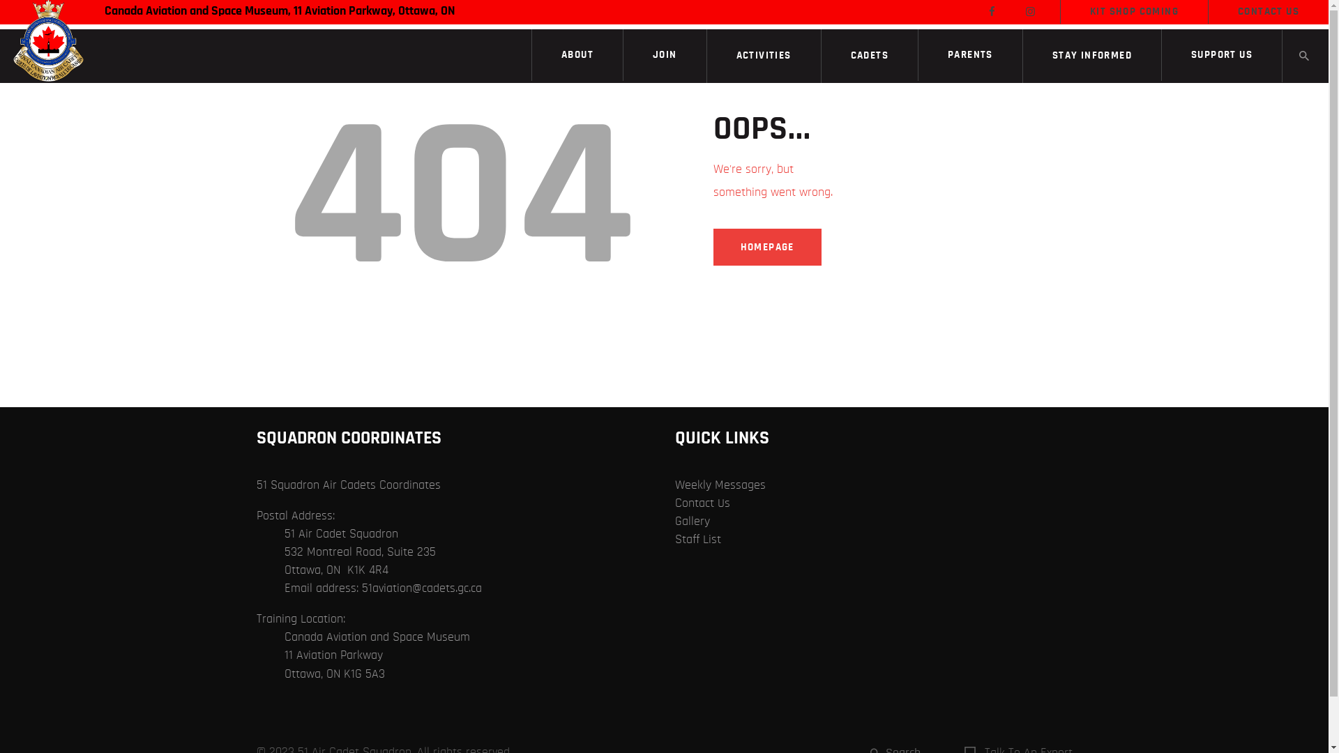 This screenshot has height=753, width=1339. I want to click on '51aviation@cadets.gc.ca', so click(361, 588).